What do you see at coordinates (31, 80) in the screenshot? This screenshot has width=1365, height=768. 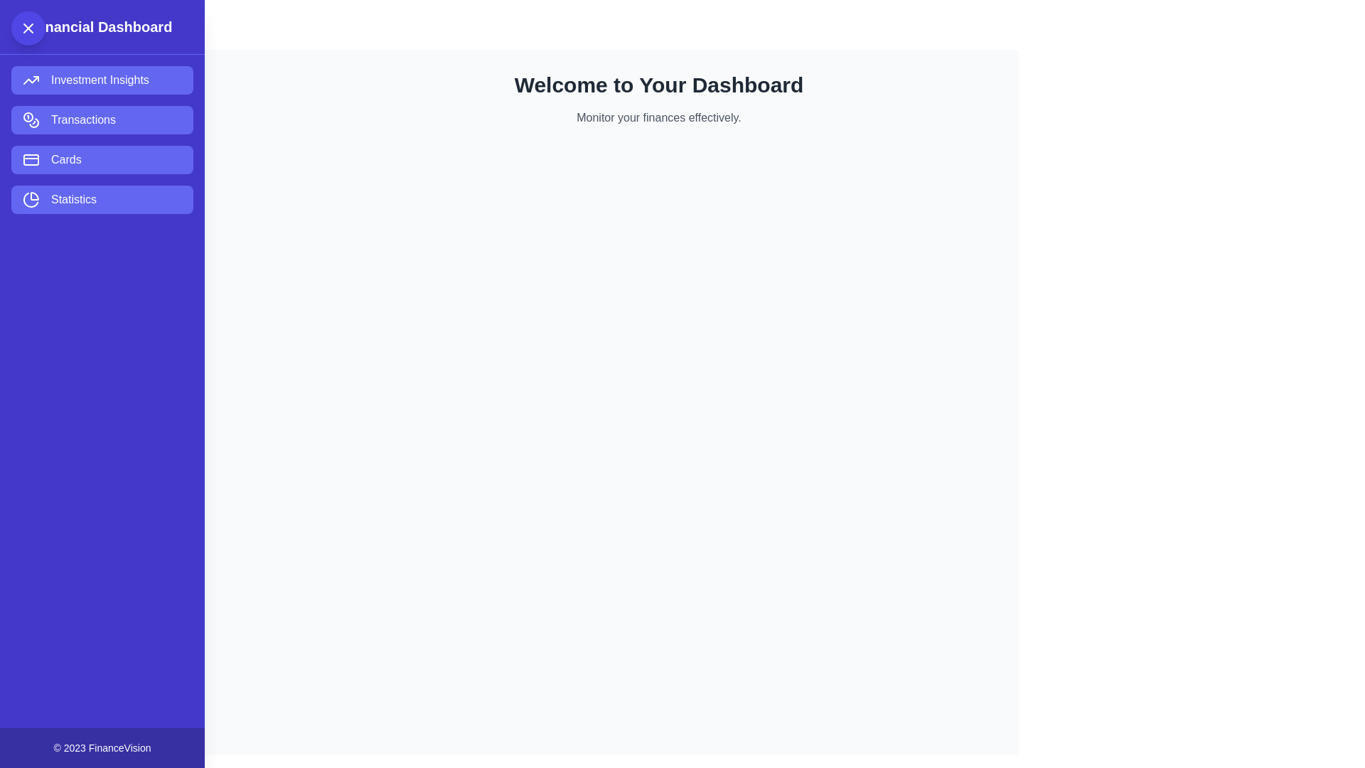 I see `the upward trending chart icon, which is styled in white and located to the left of the 'Investment Insights' text in the left vertical menu button` at bounding box center [31, 80].